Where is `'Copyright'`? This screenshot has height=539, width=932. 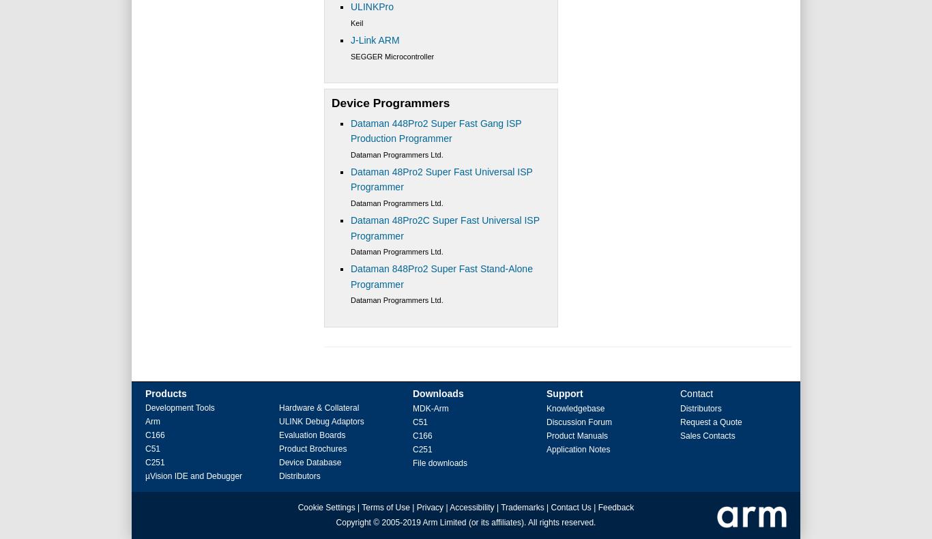
'Copyright' is located at coordinates (353, 522).